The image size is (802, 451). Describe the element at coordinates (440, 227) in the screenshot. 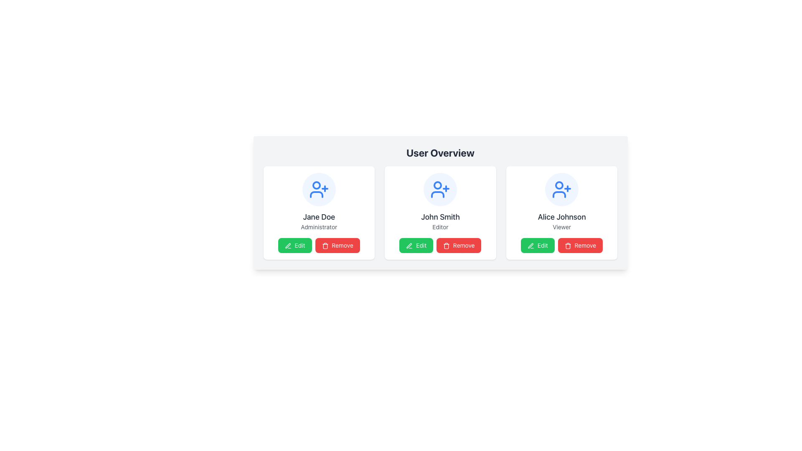

I see `the 'Editor' text label located in the middle card of three horizontally aligned cards, positioned below 'John Smith' and above the action buttons 'Edit' and 'Remove'` at that location.